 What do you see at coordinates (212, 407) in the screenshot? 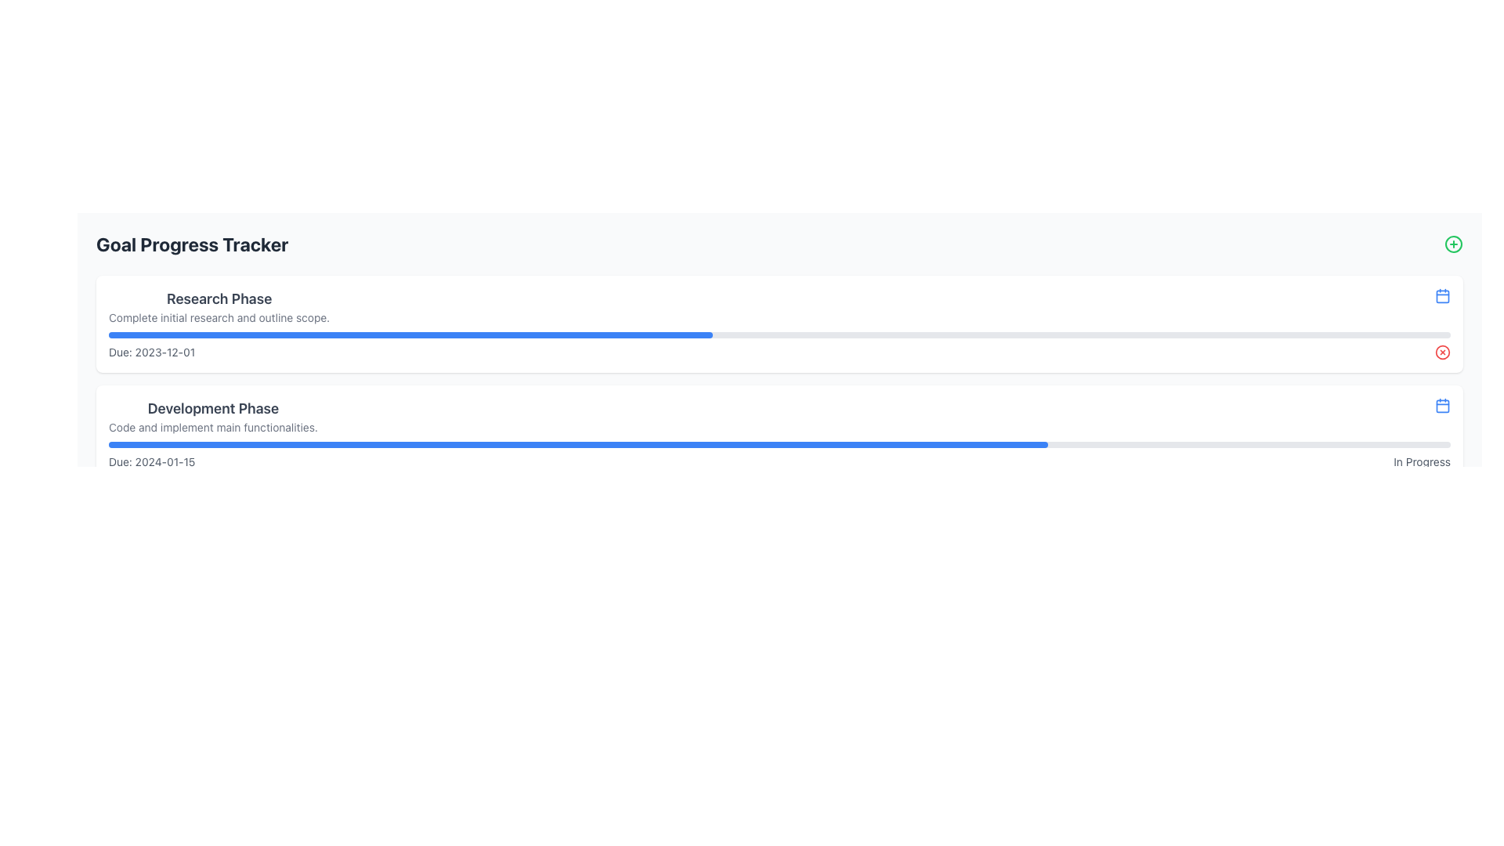
I see `the text label displaying 'Development Phase', which is styled in bold dark gray and serves as a section title` at bounding box center [212, 407].